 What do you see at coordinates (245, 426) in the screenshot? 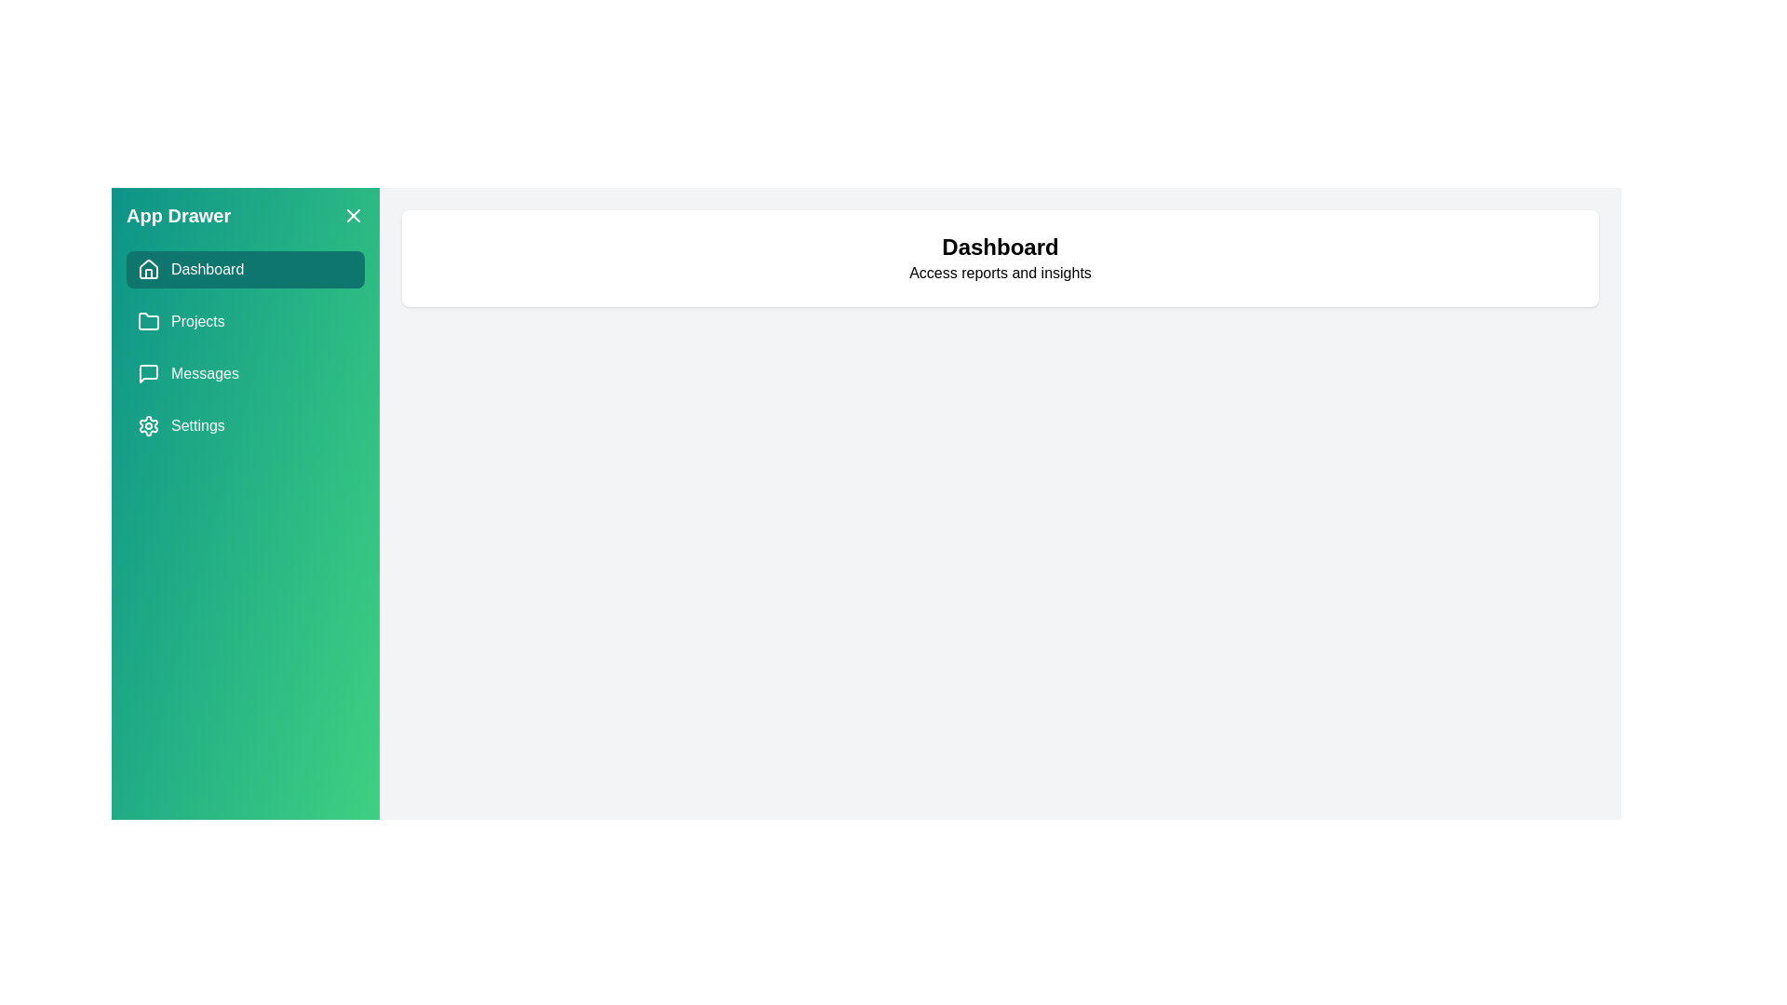
I see `the menu item Settings from the drawer` at bounding box center [245, 426].